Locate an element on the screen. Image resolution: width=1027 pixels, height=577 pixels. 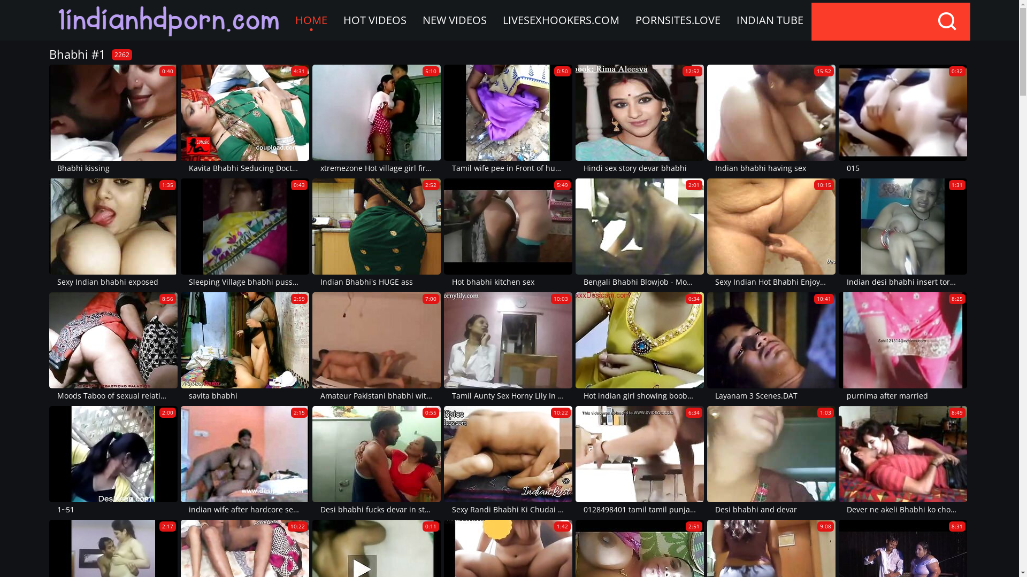
'0:32 is located at coordinates (838, 120).